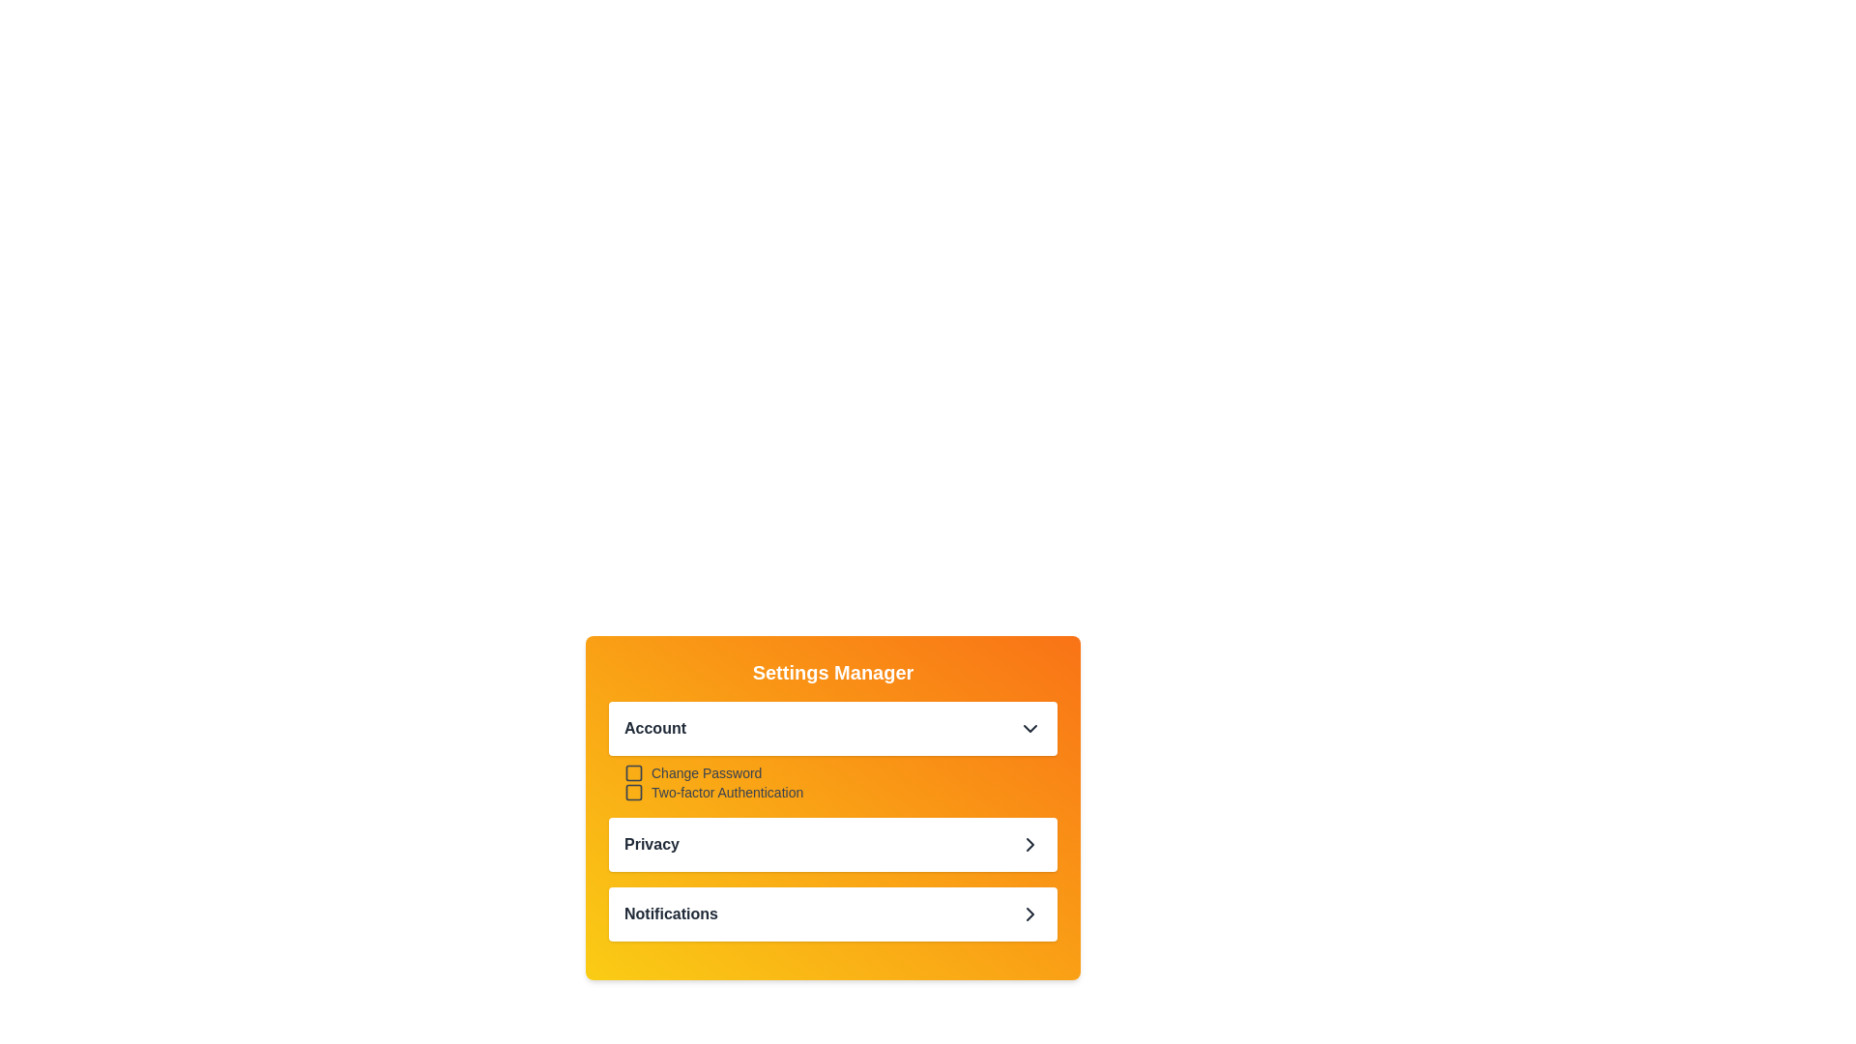  I want to click on the dark gray checkbox icon located to the left of the 'Change Password' text in the 'Settings Manager' interface, so click(634, 771).